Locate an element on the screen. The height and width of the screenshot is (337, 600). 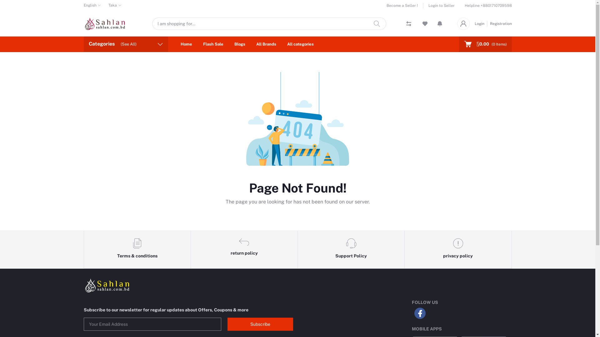
'Support Policy' is located at coordinates (351, 250).